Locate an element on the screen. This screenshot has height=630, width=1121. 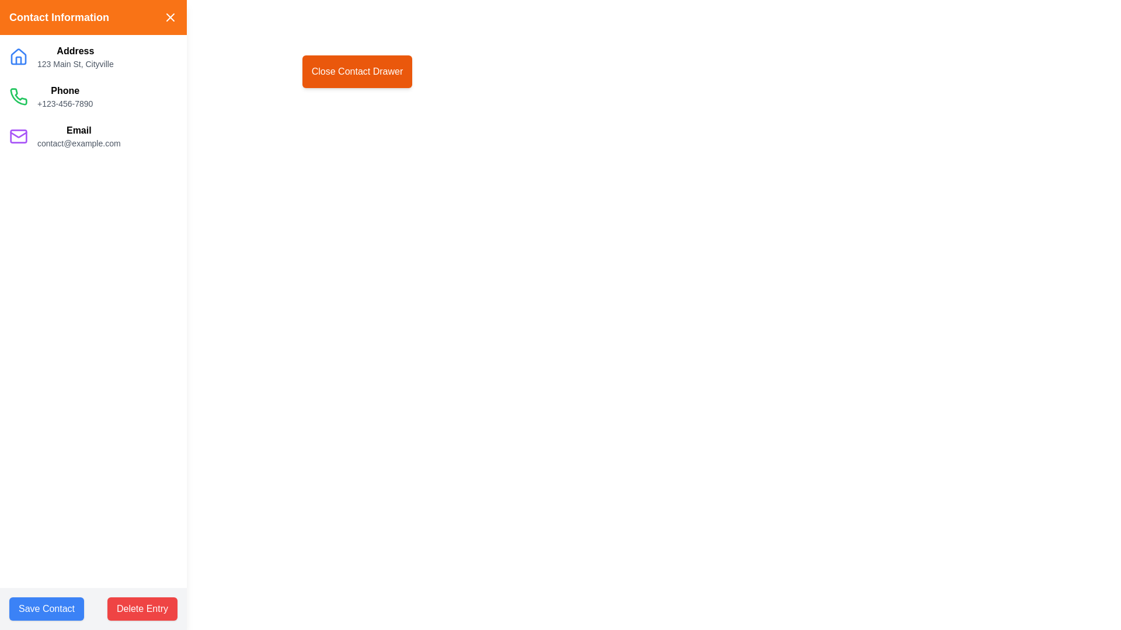
the text label that serves as a heading for the address details, located above the phone and email sections in the contact details list is located at coordinates (75, 51).